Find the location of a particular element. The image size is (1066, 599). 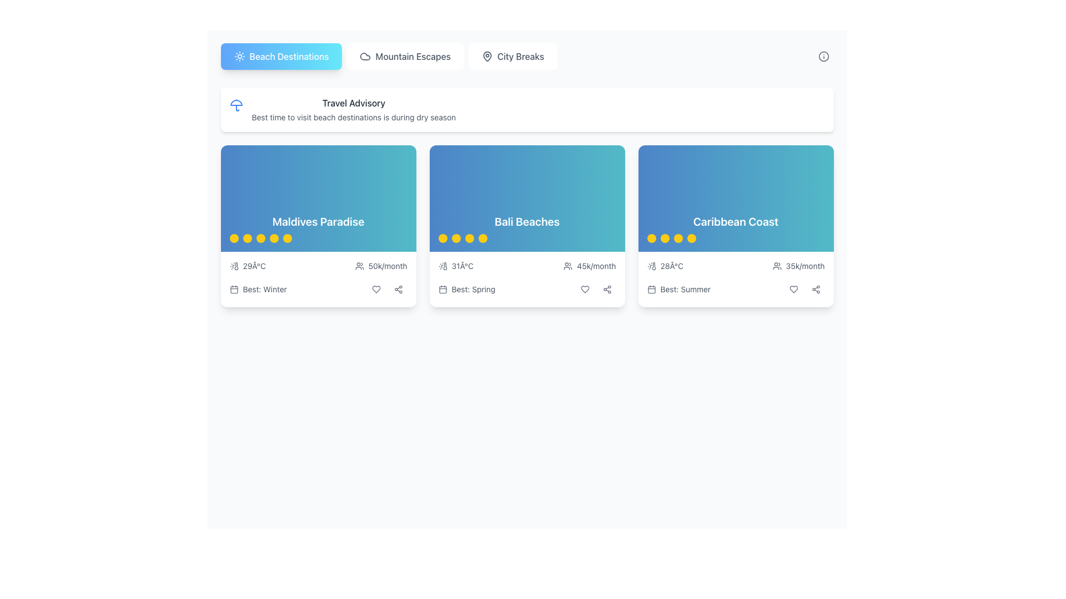

the circular share button located in the bottom-right corner of the third card, directly below the heart-shaped icon, to share is located at coordinates (606, 288).